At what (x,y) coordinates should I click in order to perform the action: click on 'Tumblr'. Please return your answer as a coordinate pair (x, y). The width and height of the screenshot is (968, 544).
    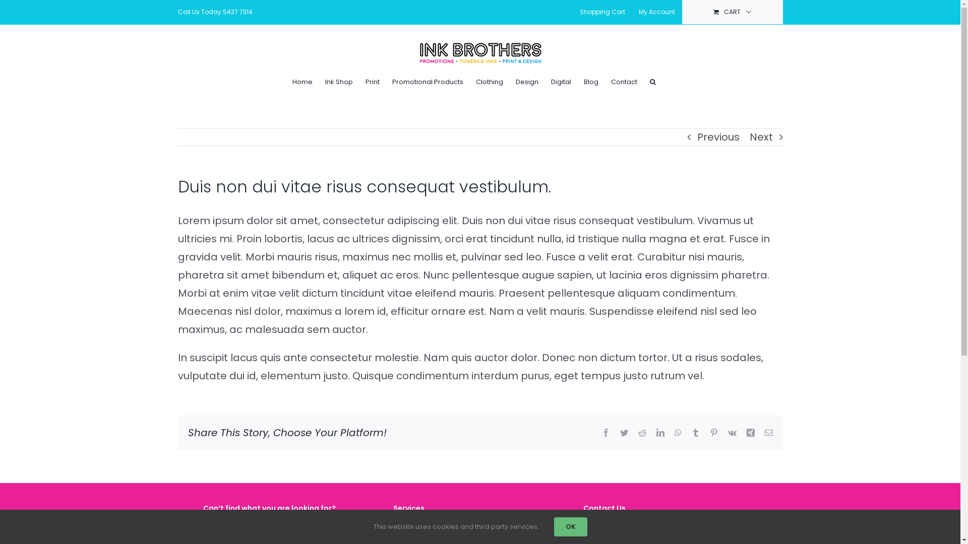
    Looking at the image, I should click on (695, 432).